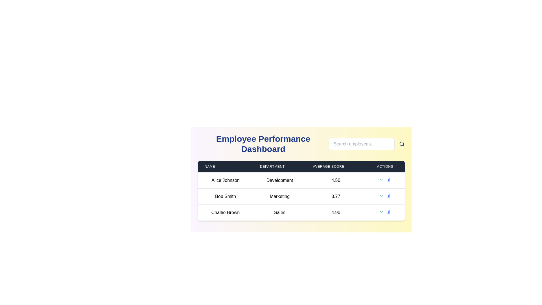 The width and height of the screenshot is (542, 305). Describe the element at coordinates (362, 143) in the screenshot. I see `the text input field for searching employees` at that location.